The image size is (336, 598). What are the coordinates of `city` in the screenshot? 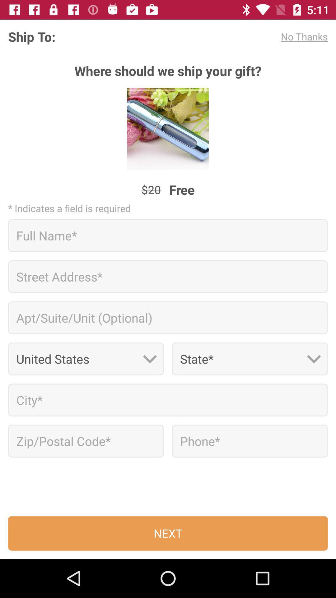 It's located at (168, 400).